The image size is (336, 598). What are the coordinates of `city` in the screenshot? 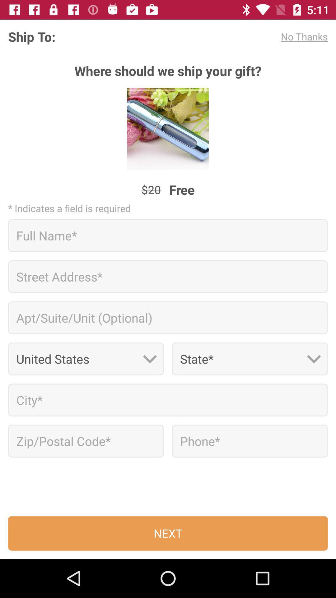 It's located at (168, 400).